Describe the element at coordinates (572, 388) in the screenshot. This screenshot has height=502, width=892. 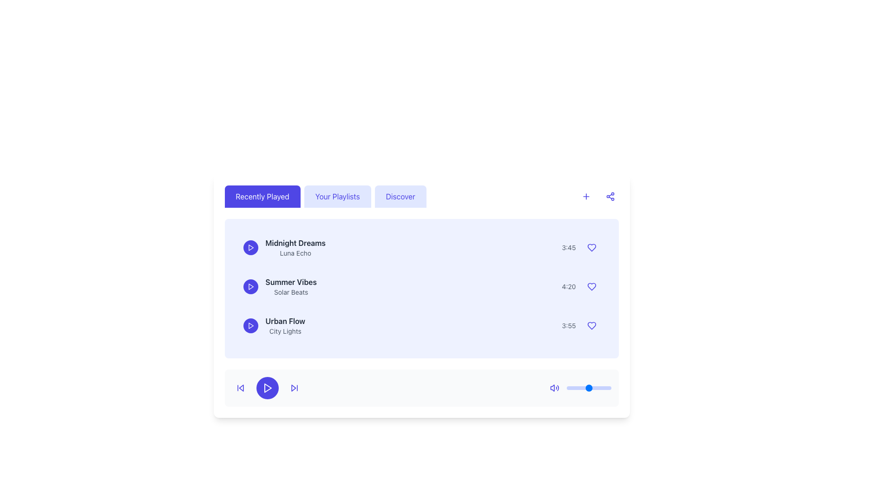
I see `the slider` at that location.